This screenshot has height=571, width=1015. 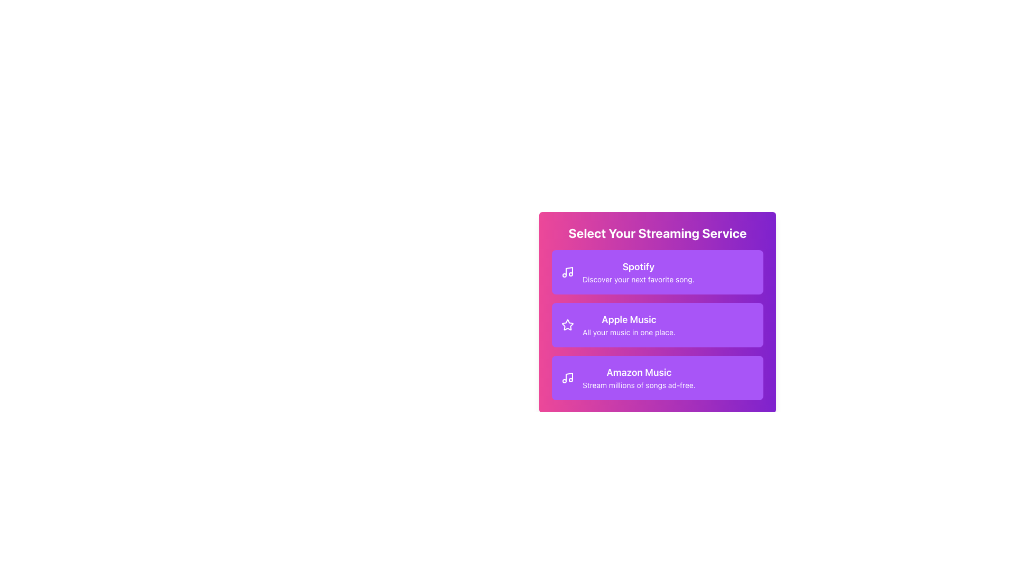 I want to click on the middle button in the vertical list, so click(x=657, y=324).